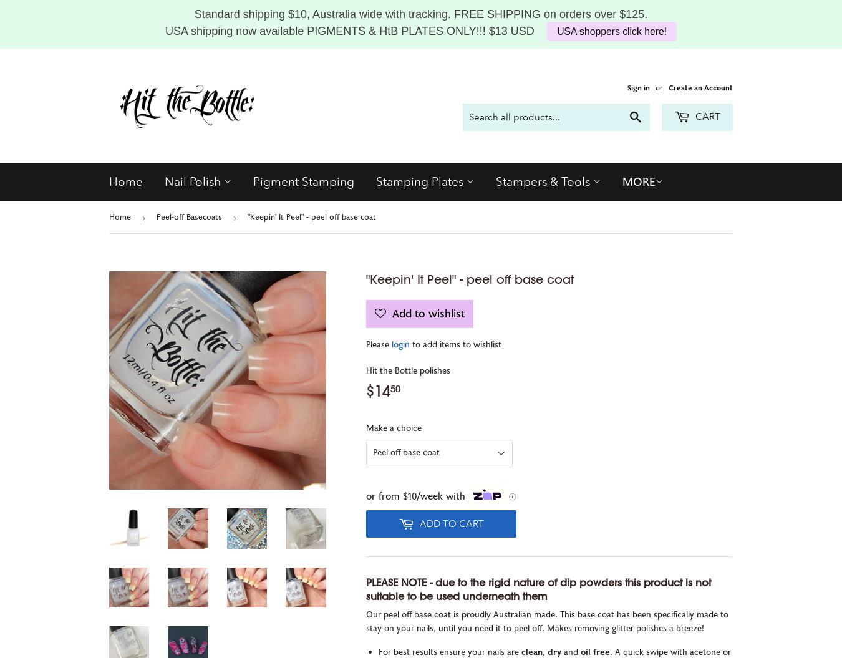 The height and width of the screenshot is (658, 842). I want to click on 'Add to Cart', so click(450, 523).